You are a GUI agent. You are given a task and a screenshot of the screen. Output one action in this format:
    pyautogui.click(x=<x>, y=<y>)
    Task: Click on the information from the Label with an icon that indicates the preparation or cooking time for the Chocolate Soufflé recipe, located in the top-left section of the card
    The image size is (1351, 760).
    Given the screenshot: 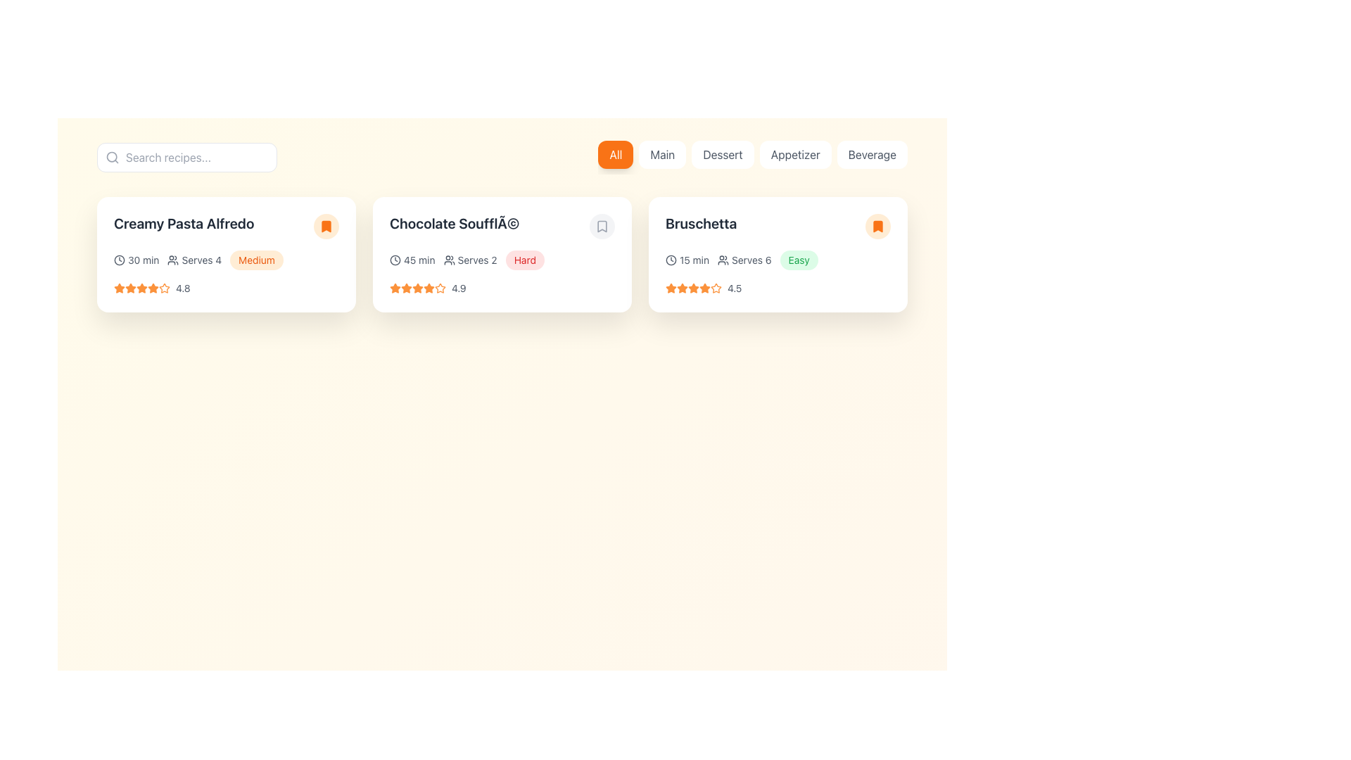 What is the action you would take?
    pyautogui.click(x=412, y=260)
    